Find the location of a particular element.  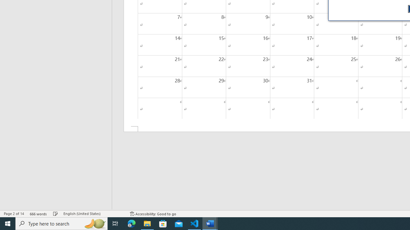

'Accessibility Checker Accessibility: Good to go' is located at coordinates (153, 214).